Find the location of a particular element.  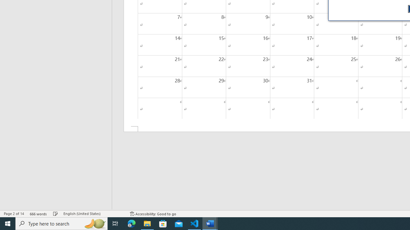

'Accessibility Checker Accessibility: Good to go' is located at coordinates (153, 214).